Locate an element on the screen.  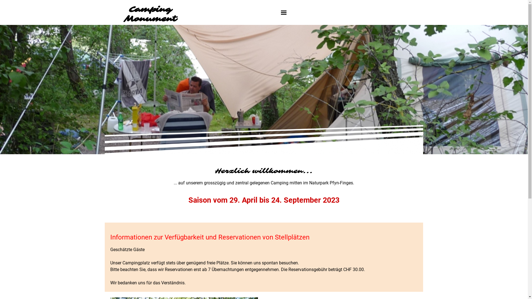
'Monument' is located at coordinates (150, 19).